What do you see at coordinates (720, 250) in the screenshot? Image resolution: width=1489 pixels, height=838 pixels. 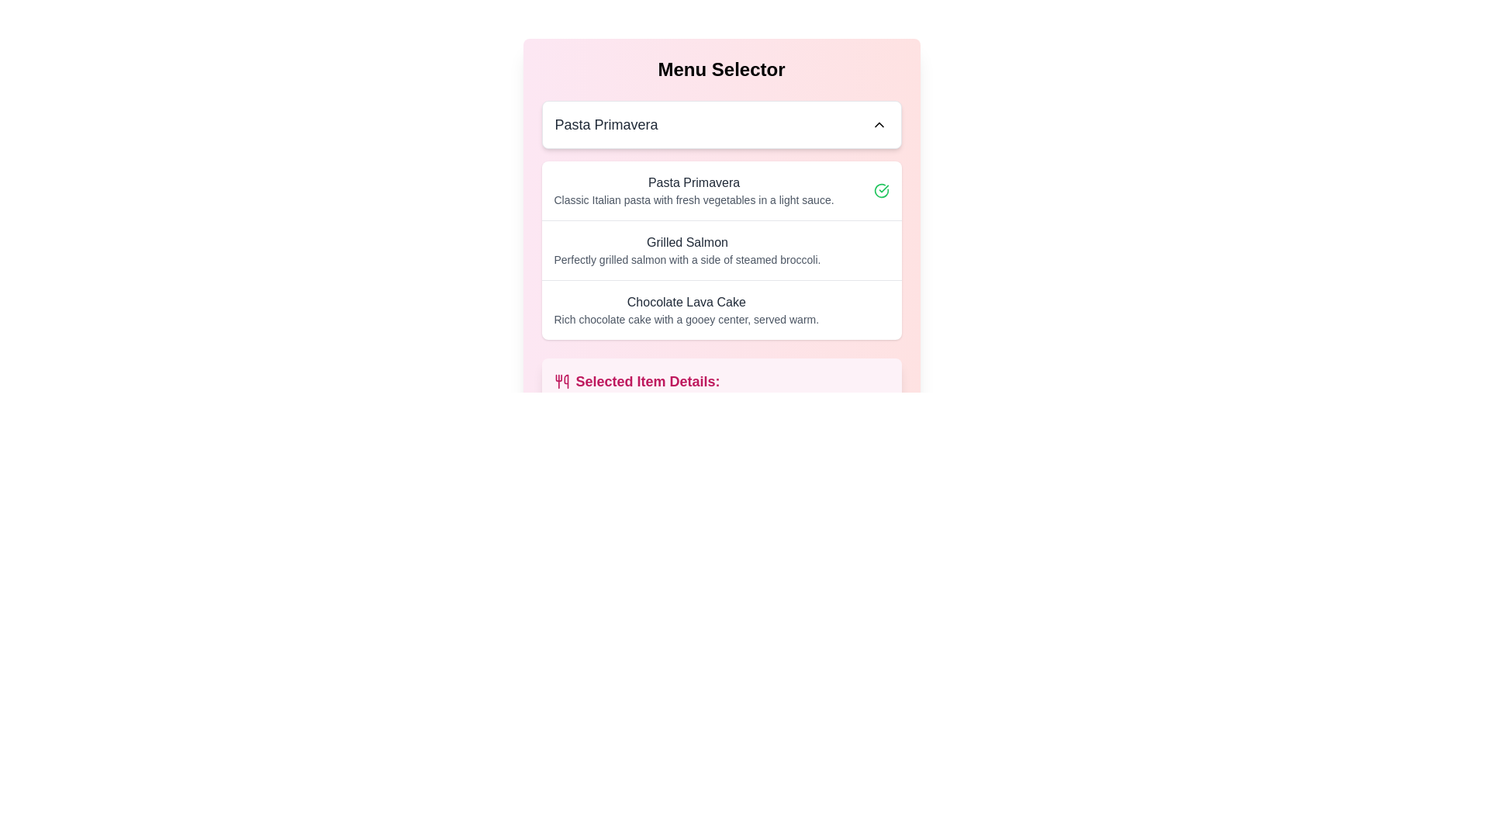 I see `within the food items list component to focus, which includes options like 'Pasta Primavera', 'Grilled Salmon', and 'Chocolate Lava Cake'` at bounding box center [720, 250].